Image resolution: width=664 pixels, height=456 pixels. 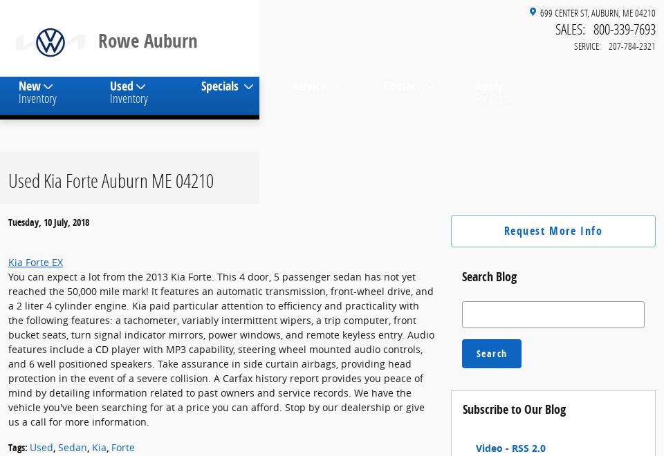 What do you see at coordinates (553, 241) in the screenshot?
I see `'Request More Info'` at bounding box center [553, 241].